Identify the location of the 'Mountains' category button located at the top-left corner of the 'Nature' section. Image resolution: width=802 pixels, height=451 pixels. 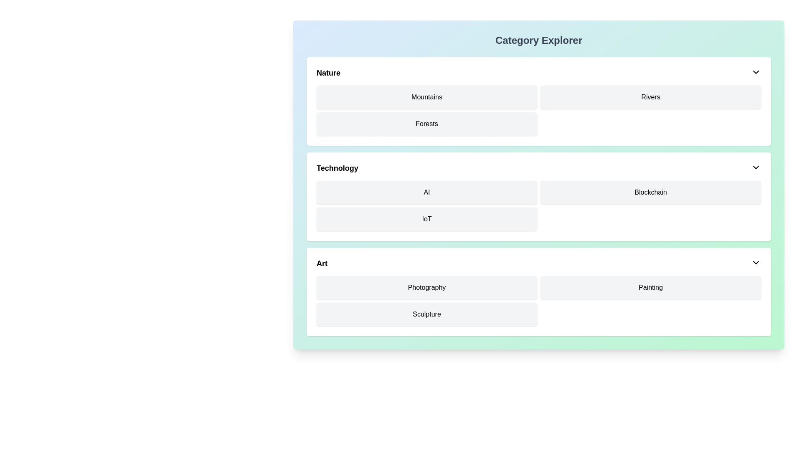
(427, 96).